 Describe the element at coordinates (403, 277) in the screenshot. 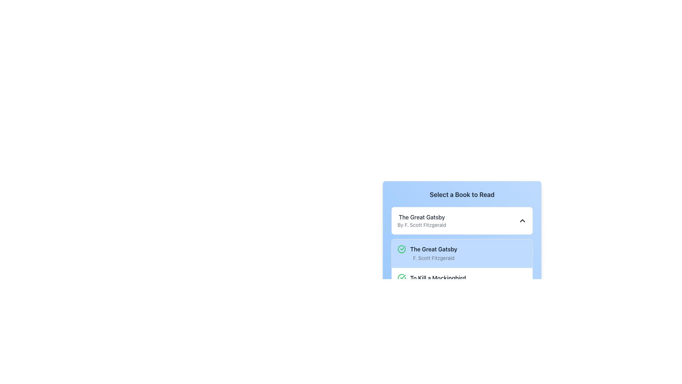

I see `the selection indicator icon for the second list item, which corresponds to 'The Great Gatsby' in the book selection dropdown` at that location.